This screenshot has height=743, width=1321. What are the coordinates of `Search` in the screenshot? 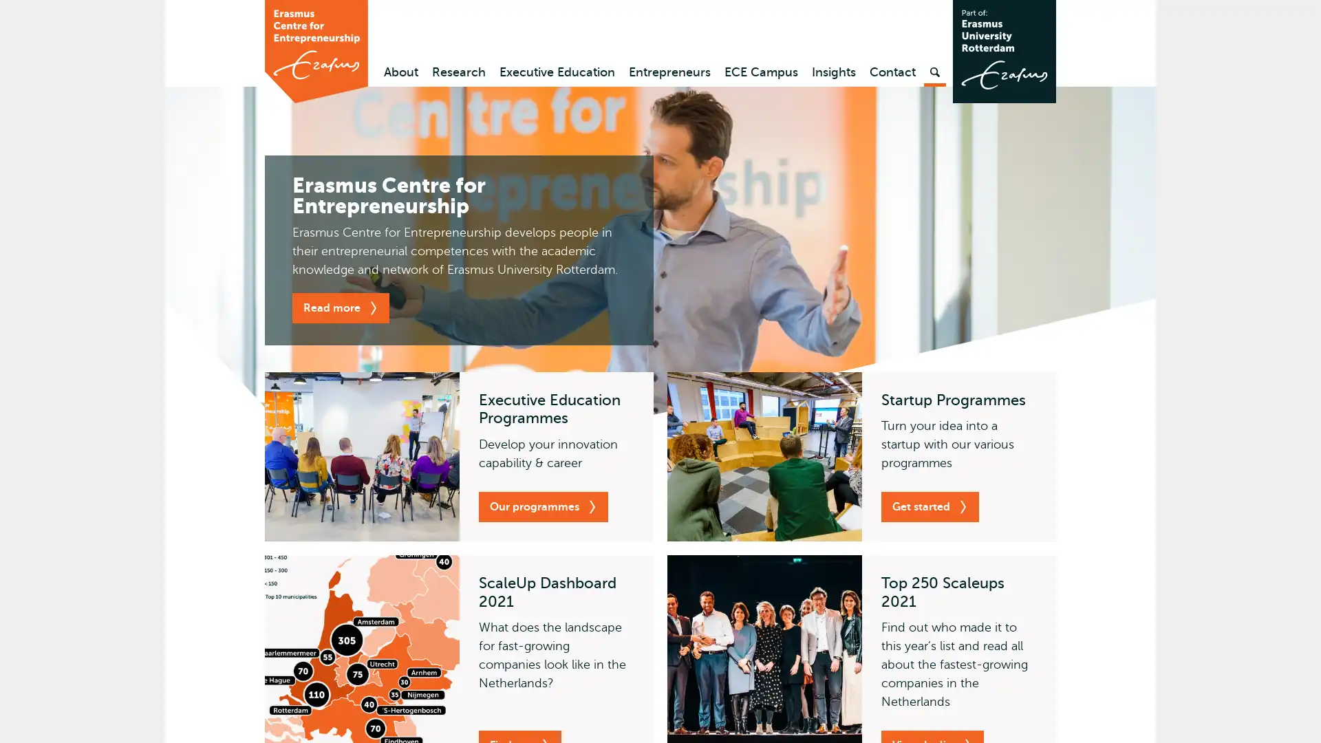 It's located at (934, 74).